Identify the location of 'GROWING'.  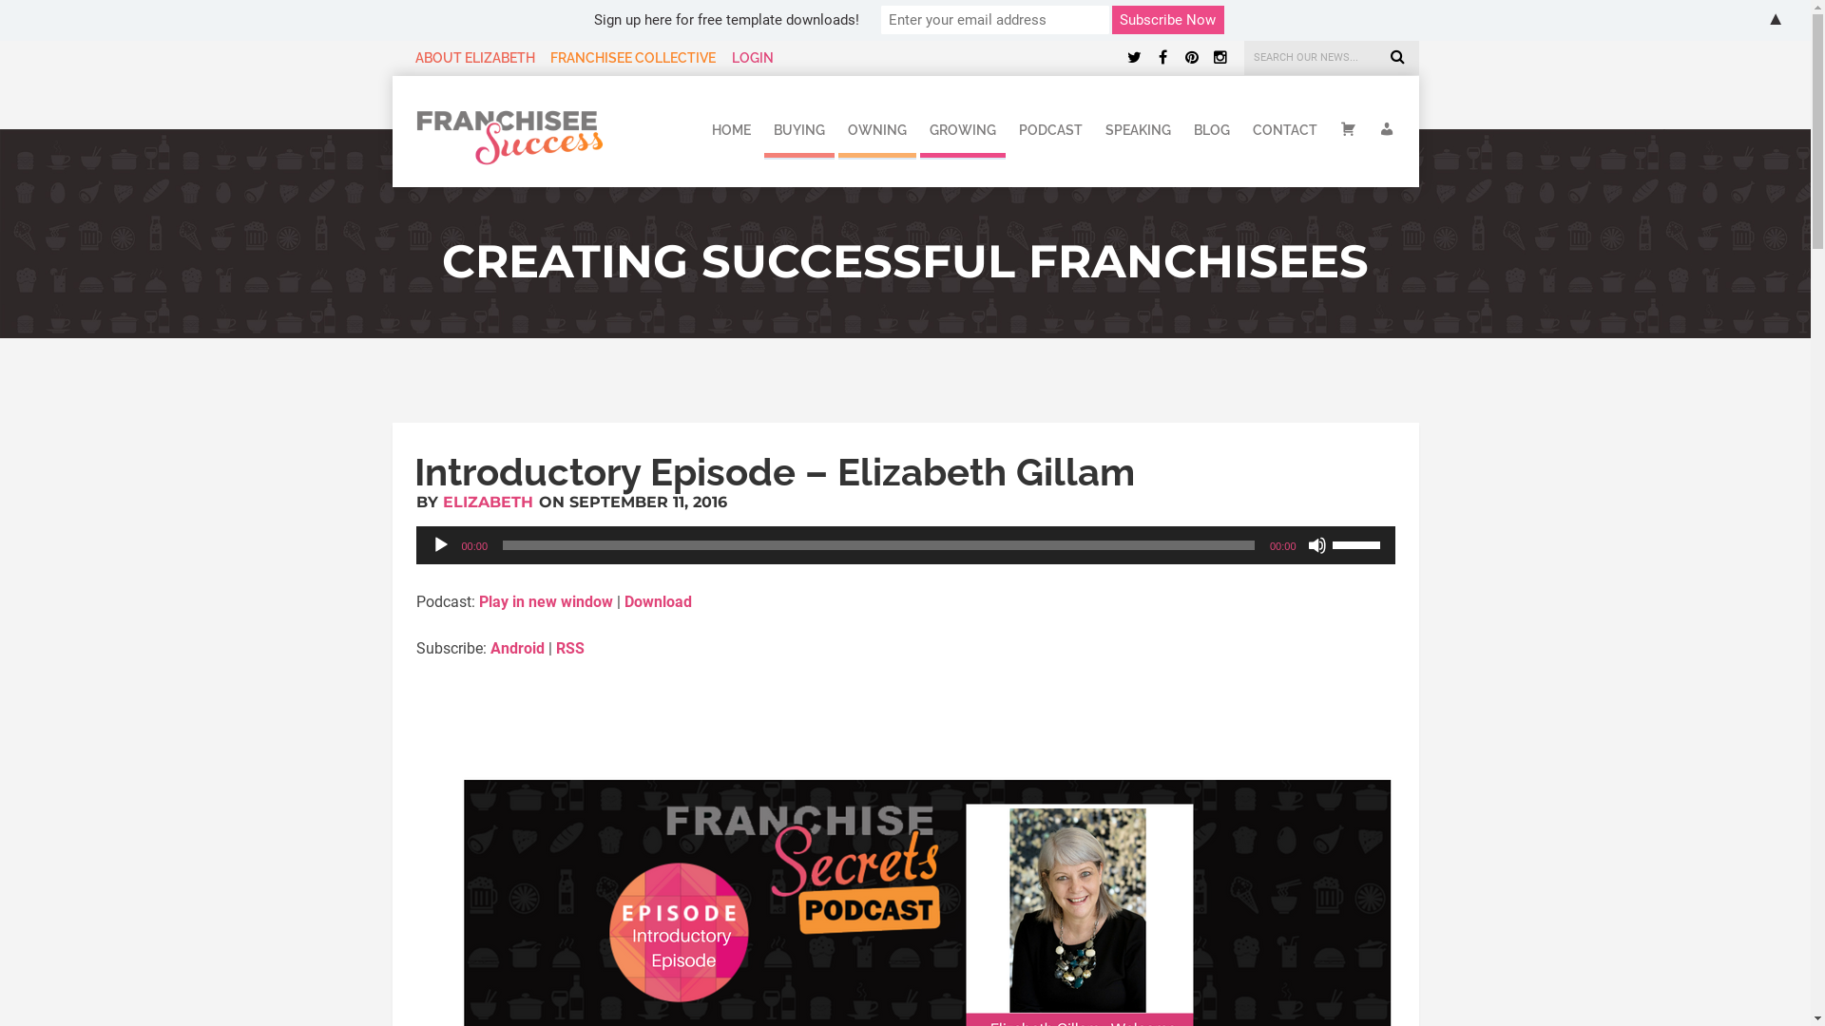
(962, 125).